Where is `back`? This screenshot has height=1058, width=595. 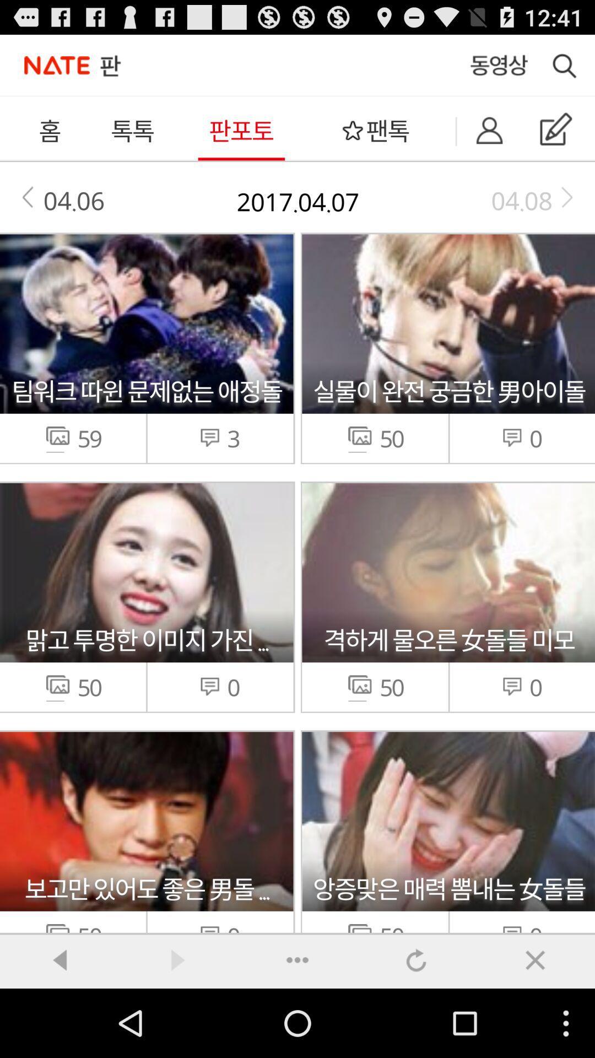
back is located at coordinates (59, 959).